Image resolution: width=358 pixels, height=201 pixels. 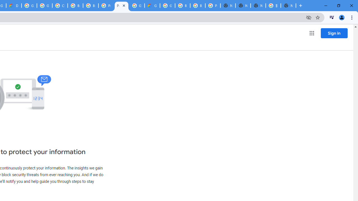 I want to click on 'Browse Chrome as a guest - Computer - Google Chrome Help', so click(x=75, y=6).